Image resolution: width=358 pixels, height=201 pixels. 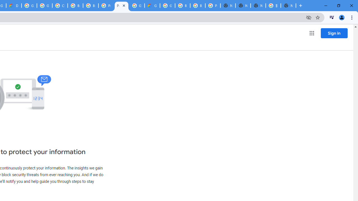 I want to click on 'Browse Chrome as a guest - Computer - Google Chrome Help', so click(x=75, y=6).